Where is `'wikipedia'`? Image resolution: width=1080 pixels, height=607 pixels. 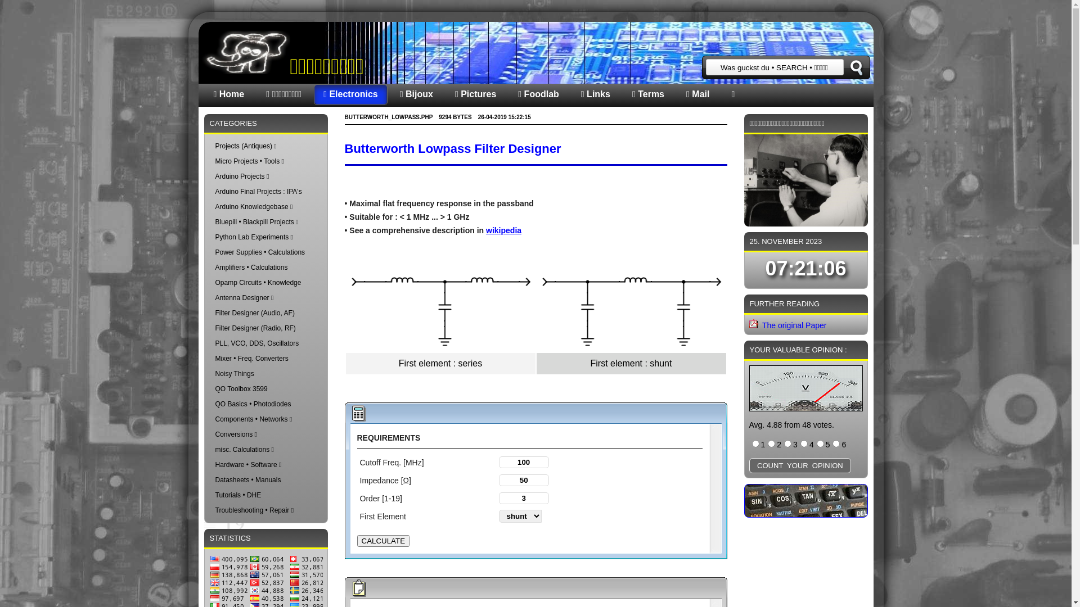
'wikipedia' is located at coordinates (503, 229).